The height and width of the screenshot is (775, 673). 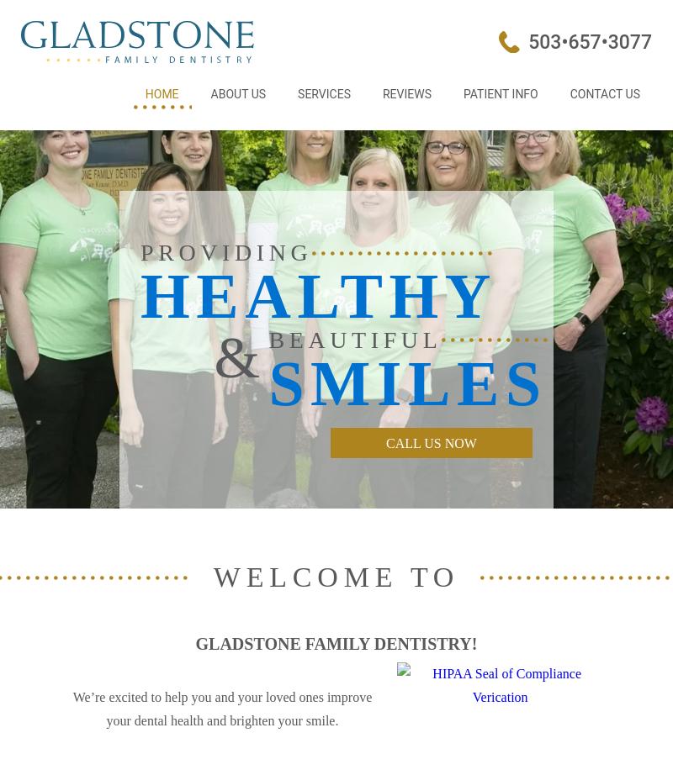 I want to click on 'Schedule Online', so click(x=589, y=123).